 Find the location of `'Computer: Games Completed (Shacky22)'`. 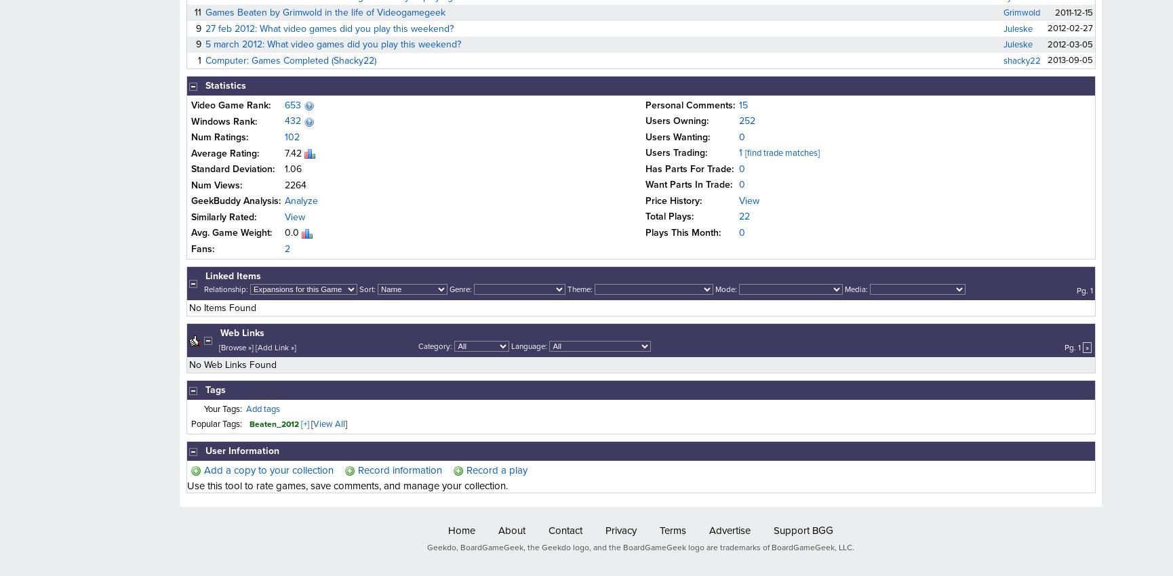

'Computer: Games Completed (Shacky22)' is located at coordinates (291, 59).